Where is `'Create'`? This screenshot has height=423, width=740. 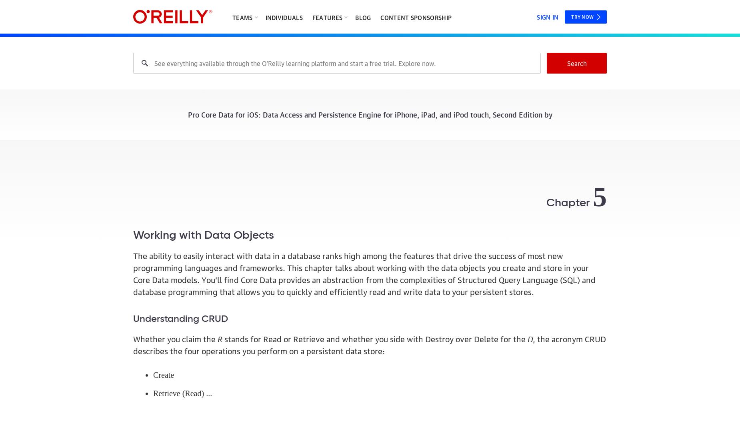
'Create' is located at coordinates (163, 374).